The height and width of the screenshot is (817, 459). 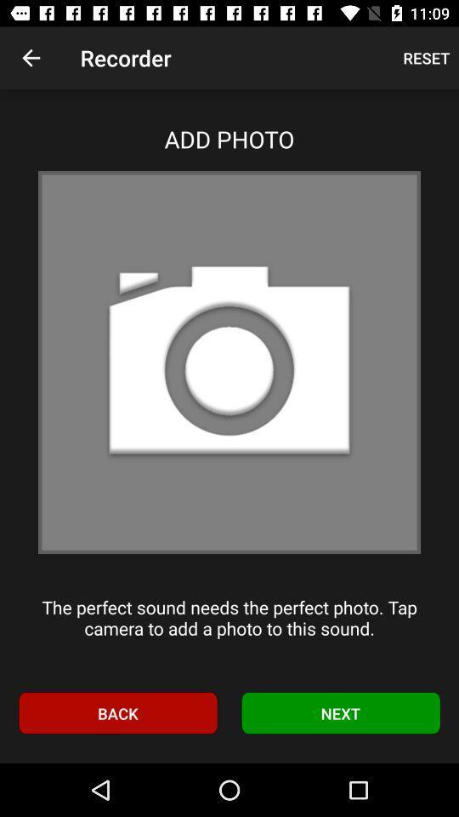 I want to click on photo to sound, so click(x=229, y=362).